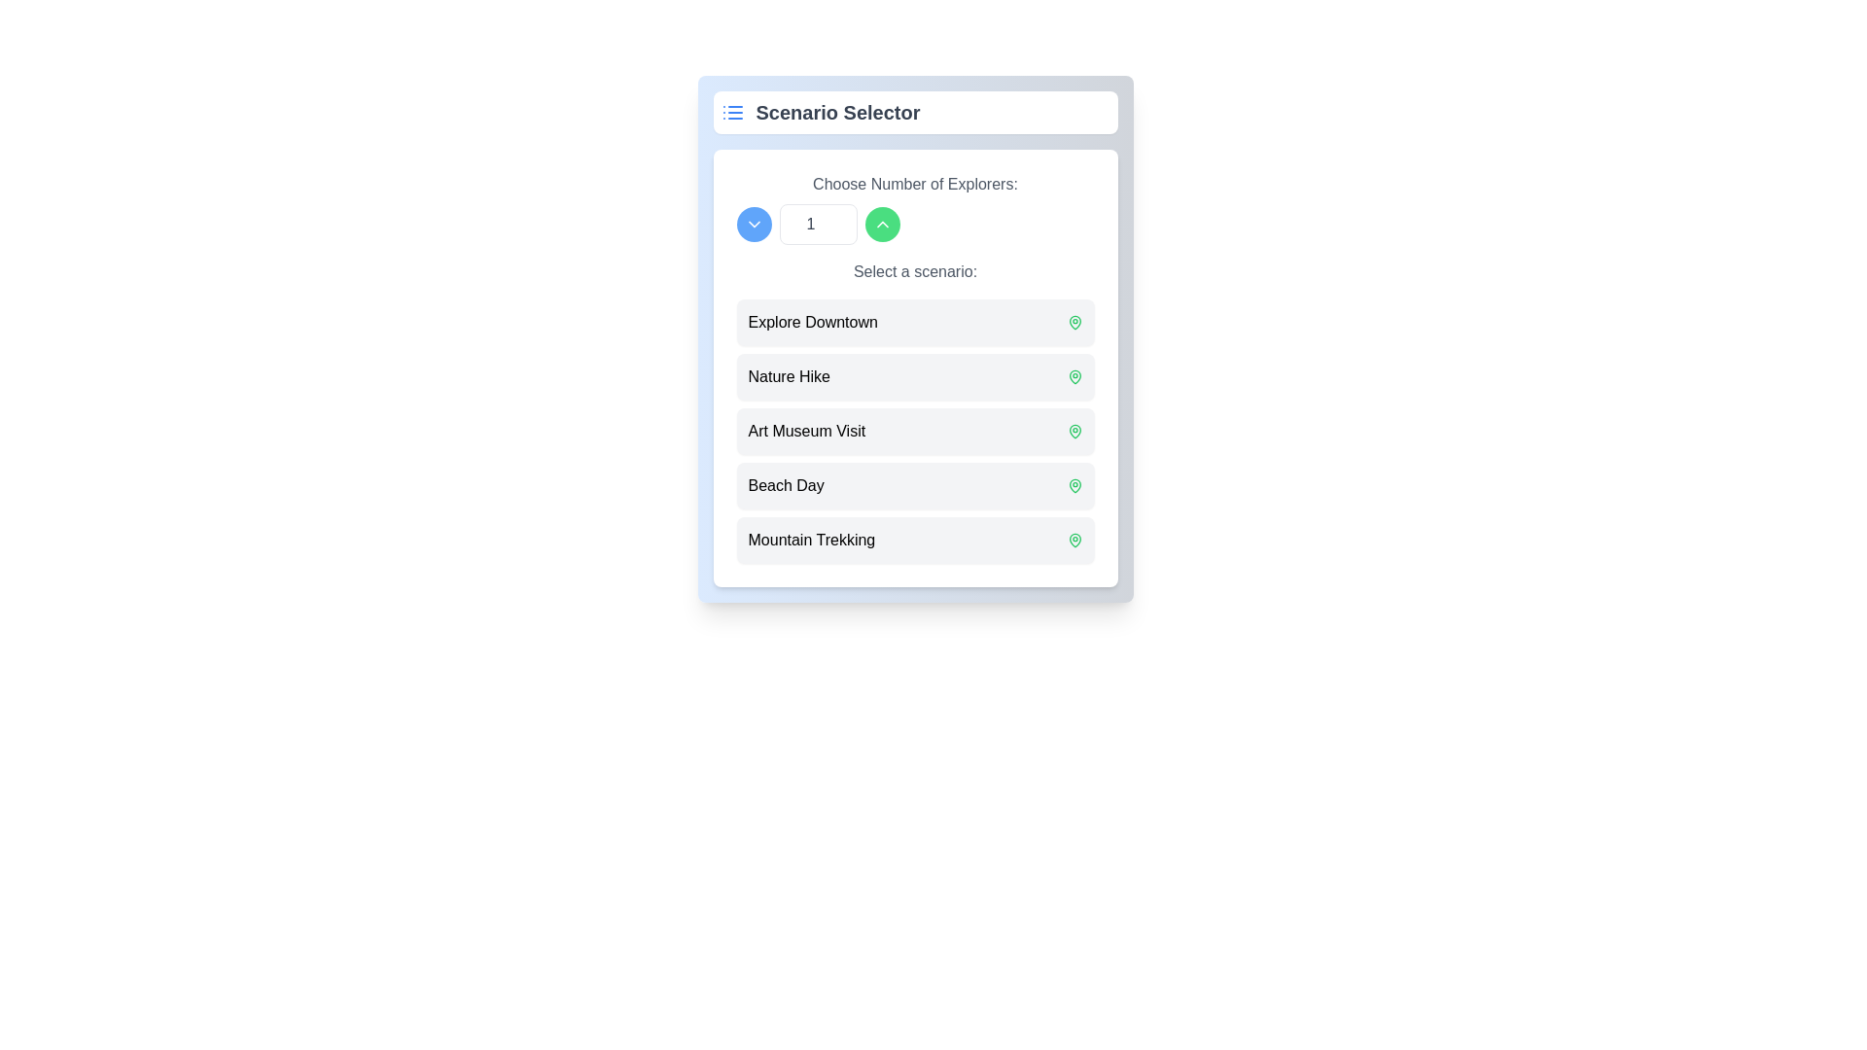  I want to click on the static label indicating 'Explore Downtown', which is located below the section header 'Select a scenario' and to the left of the location icon, so click(813, 321).